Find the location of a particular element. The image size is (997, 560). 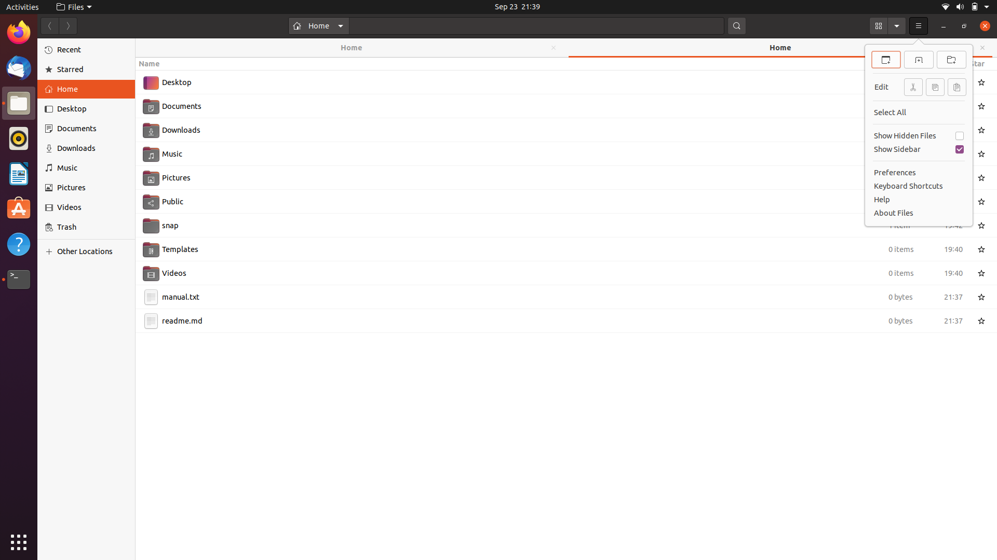

the formation of a new file folder via mouse right-click and keyboard keys is located at coordinates (566, 446).